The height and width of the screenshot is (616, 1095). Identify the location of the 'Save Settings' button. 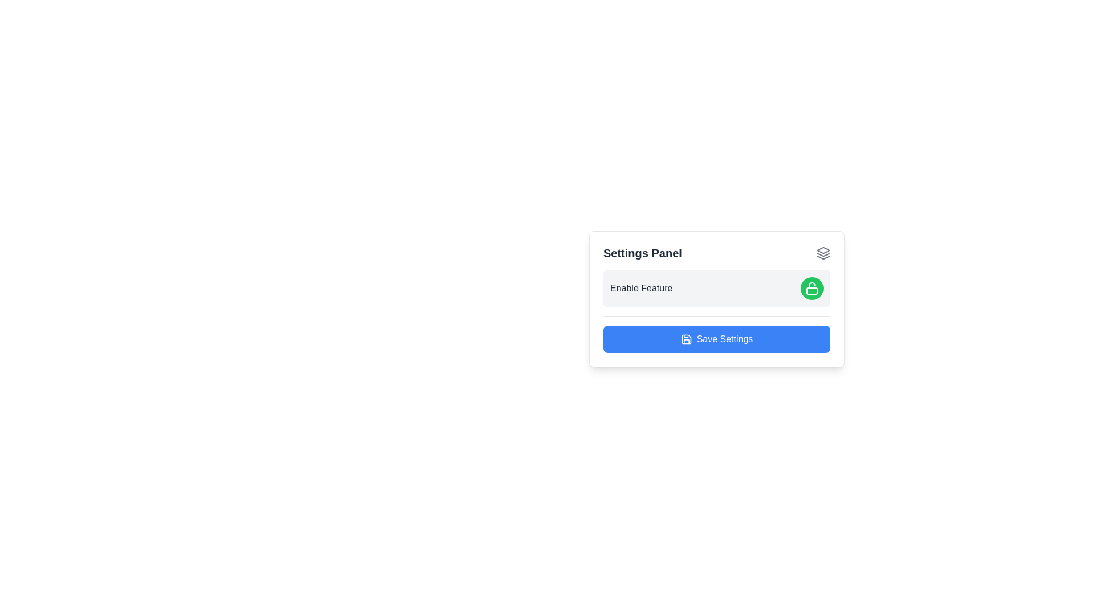
(716, 338).